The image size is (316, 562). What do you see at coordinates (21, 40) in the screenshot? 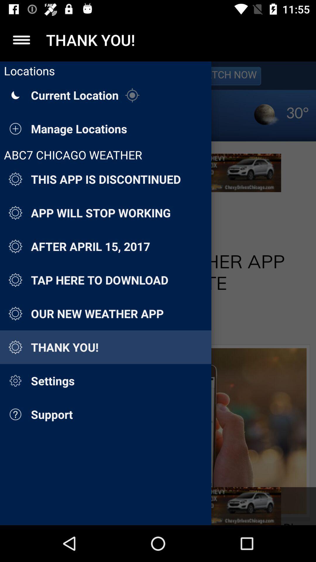
I see `list the menu` at bounding box center [21, 40].